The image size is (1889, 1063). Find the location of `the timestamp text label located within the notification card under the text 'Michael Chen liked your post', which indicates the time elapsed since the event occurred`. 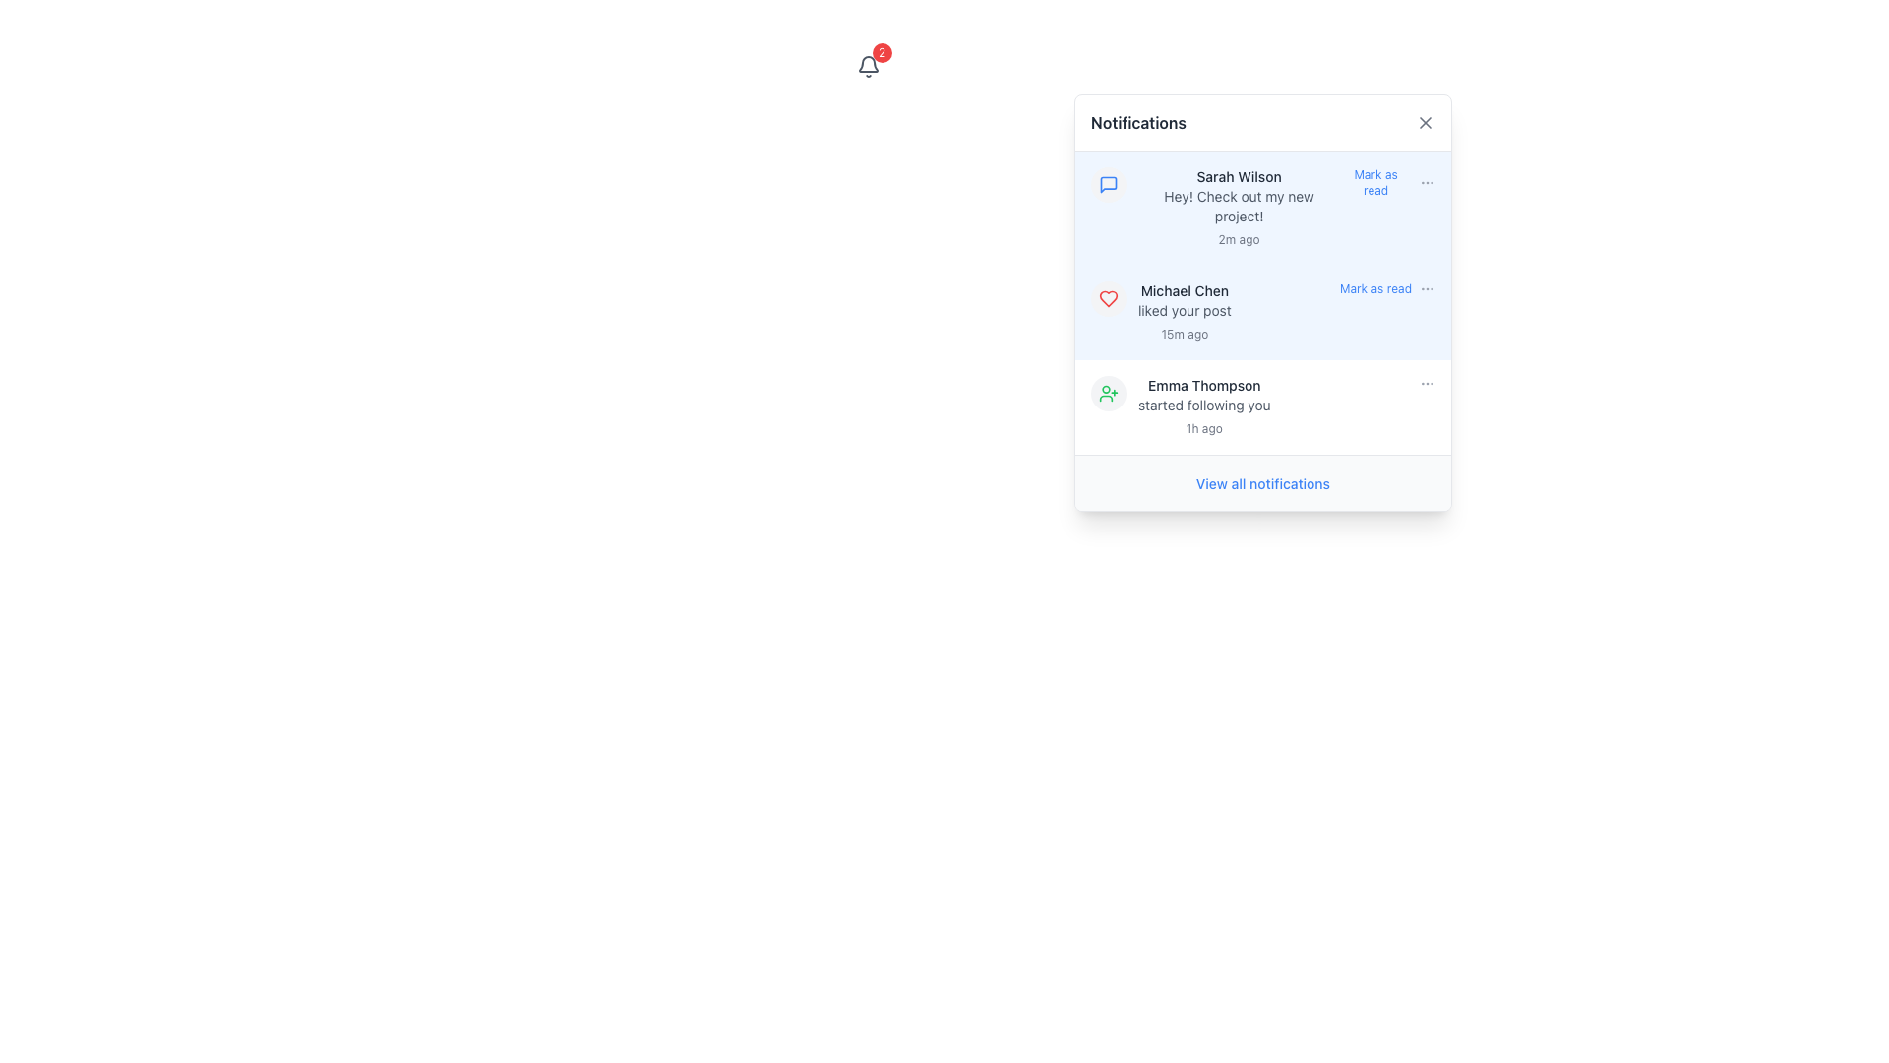

the timestamp text label located within the notification card under the text 'Michael Chen liked your post', which indicates the time elapsed since the event occurred is located at coordinates (1184, 333).